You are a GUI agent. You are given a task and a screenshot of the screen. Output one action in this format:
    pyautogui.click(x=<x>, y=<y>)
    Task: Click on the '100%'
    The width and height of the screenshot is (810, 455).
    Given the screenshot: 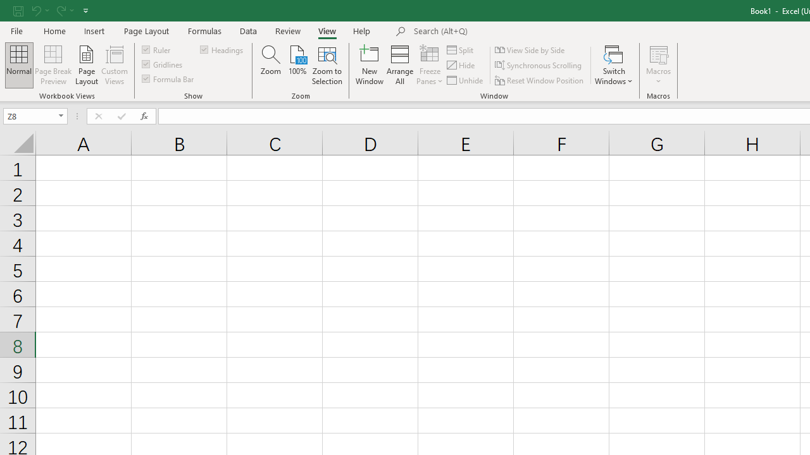 What is the action you would take?
    pyautogui.click(x=297, y=65)
    